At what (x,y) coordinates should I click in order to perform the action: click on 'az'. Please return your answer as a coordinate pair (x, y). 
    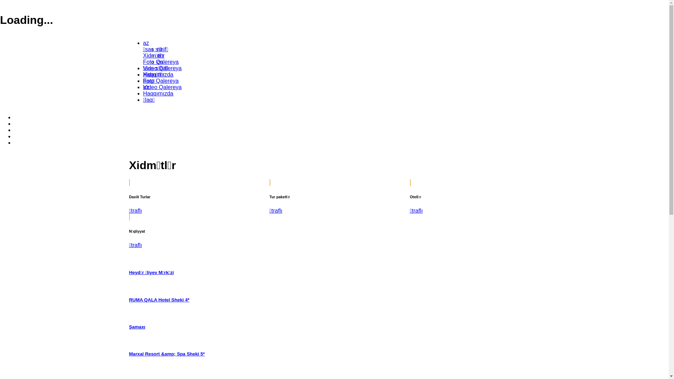
    Looking at the image, I should click on (146, 43).